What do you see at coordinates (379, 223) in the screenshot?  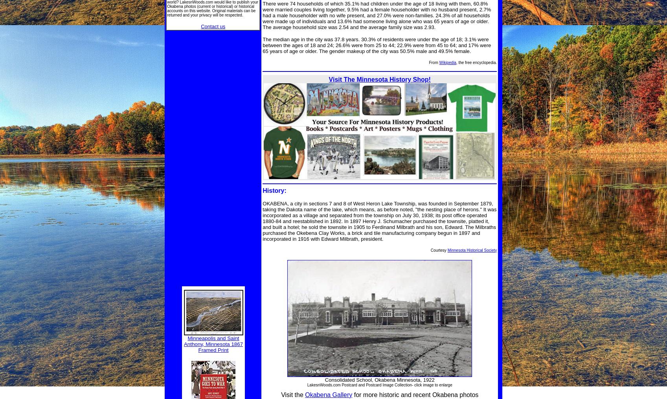 I see `'name of the lake, which means, as before noted, "the nesting place of 
		herons." It was incorporated as a village and separated from the 
		township on July 30, 1938; its post office operated 1880-84 and 
		reestablished in 1892. In 1897 Henry J. Schumacher purchased the 
		townsite, platted it, and built a hotel; he sold the townsite in 1905 to 
		Ferdinand Milbrath and his son, Edward. The Milbraths purchased the 
		Okebena Clay Works, a brick and tile manufacturing company begun in 1897 
		and incorporated in 1916 with Edward Milbrath, president.'` at bounding box center [379, 223].